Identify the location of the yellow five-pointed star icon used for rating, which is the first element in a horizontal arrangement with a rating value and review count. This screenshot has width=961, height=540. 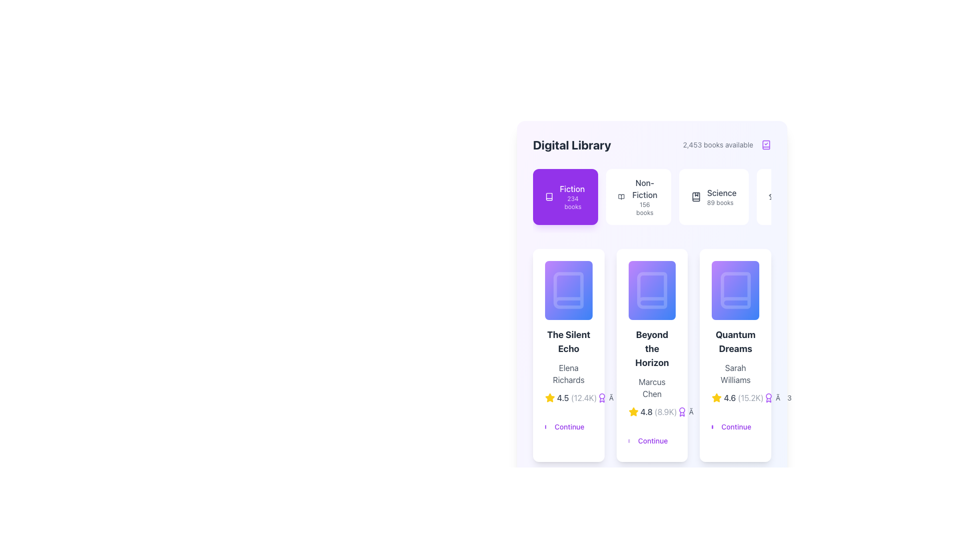
(716, 397).